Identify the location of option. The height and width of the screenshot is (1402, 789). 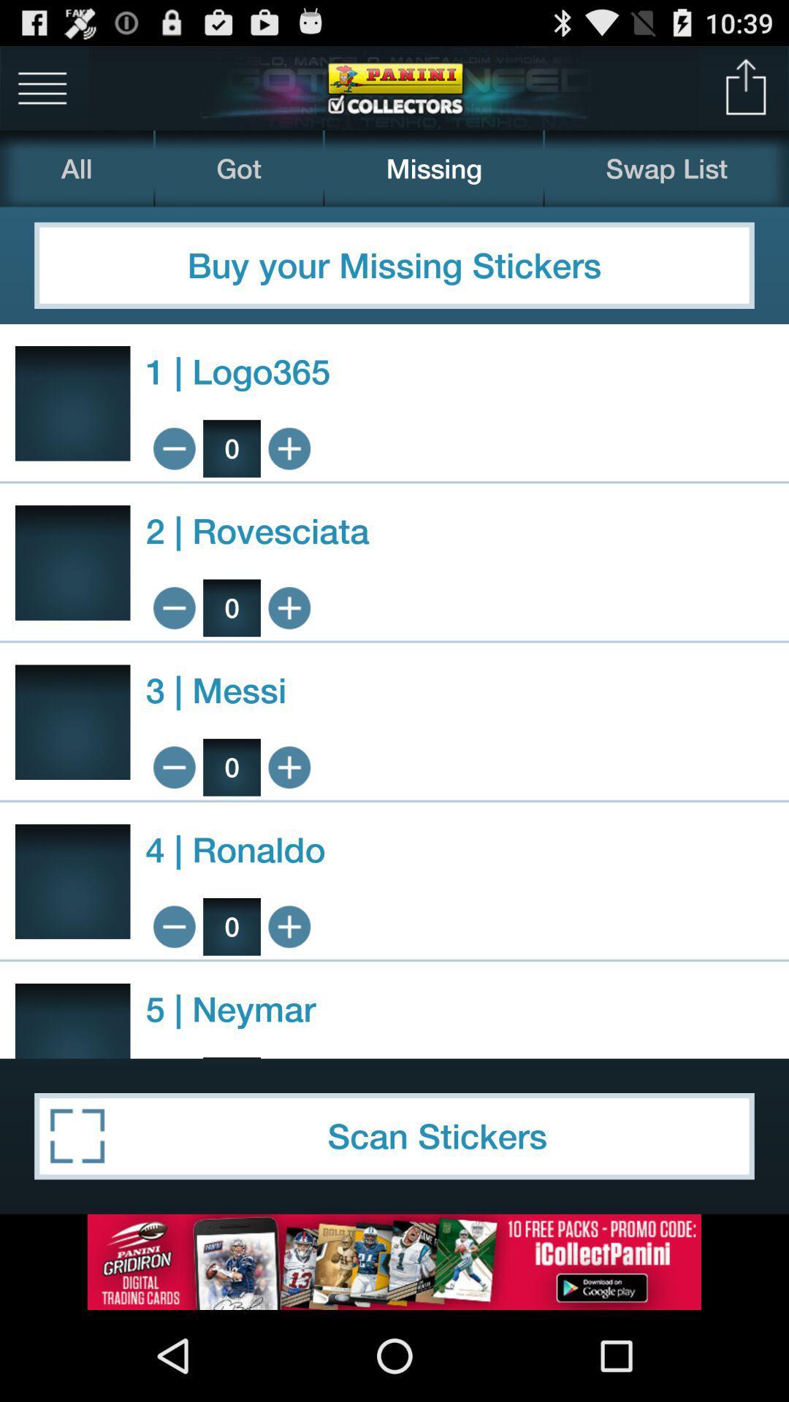
(289, 1058).